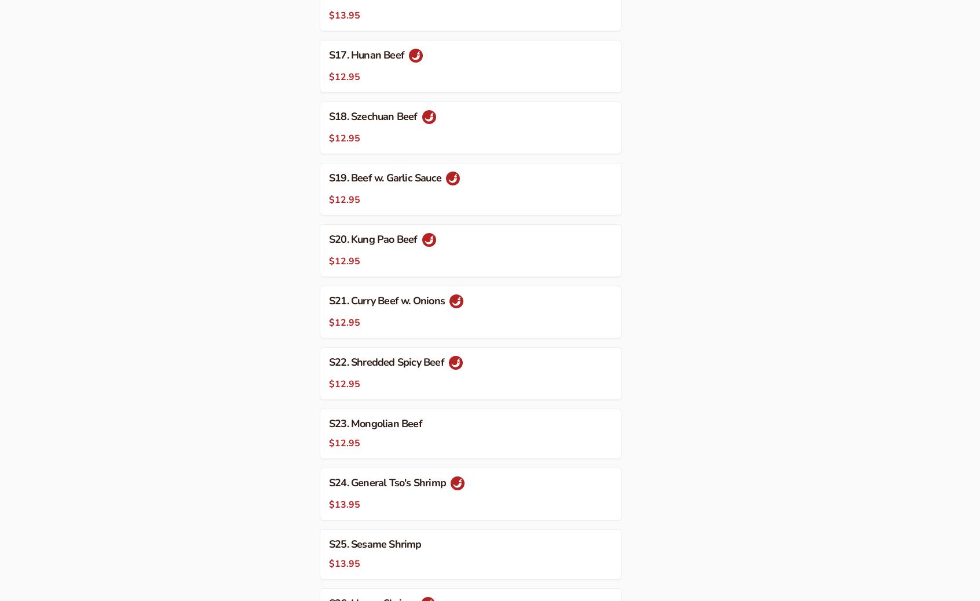  What do you see at coordinates (375, 543) in the screenshot?
I see `'S25.  Sesame Shrimp'` at bounding box center [375, 543].